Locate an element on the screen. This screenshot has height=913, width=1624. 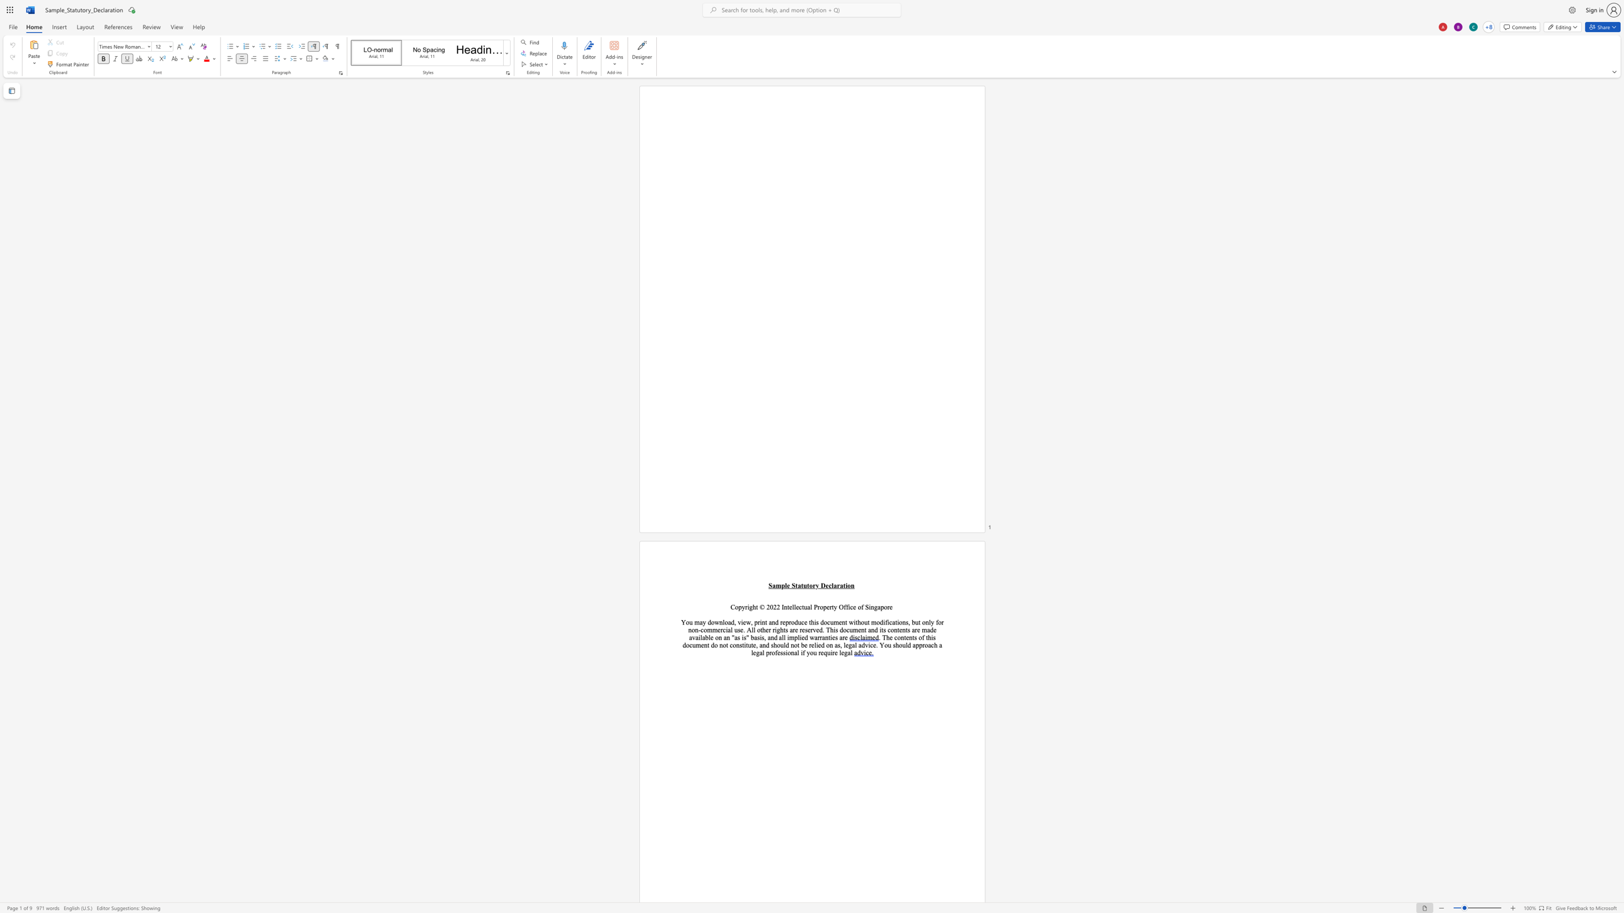
the space between the continuous character "t" and "y" in the text is located at coordinates (834, 607).